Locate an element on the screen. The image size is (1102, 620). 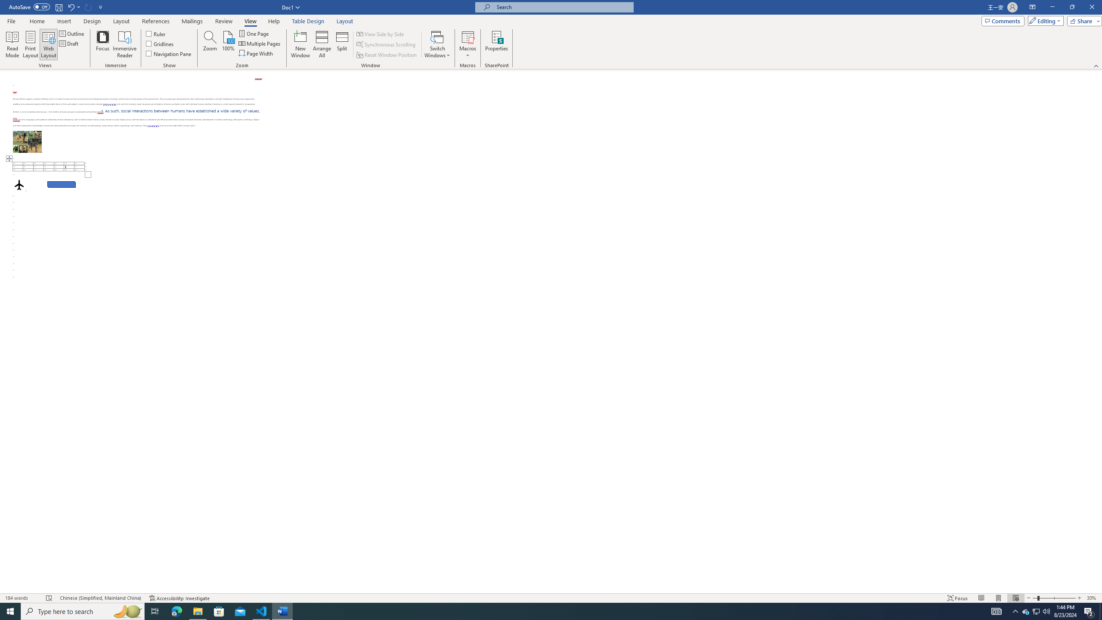
'Editing' is located at coordinates (1044, 20).